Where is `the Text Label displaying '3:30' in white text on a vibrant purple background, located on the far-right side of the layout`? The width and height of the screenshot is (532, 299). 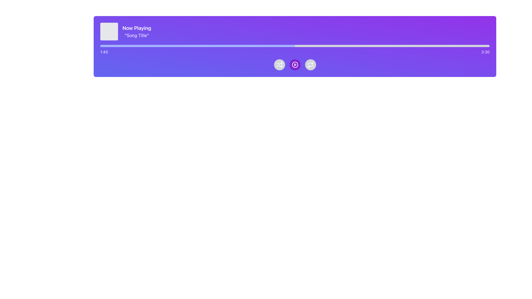
the Text Label displaying '3:30' in white text on a vibrant purple background, located on the far-right side of the layout is located at coordinates (485, 52).